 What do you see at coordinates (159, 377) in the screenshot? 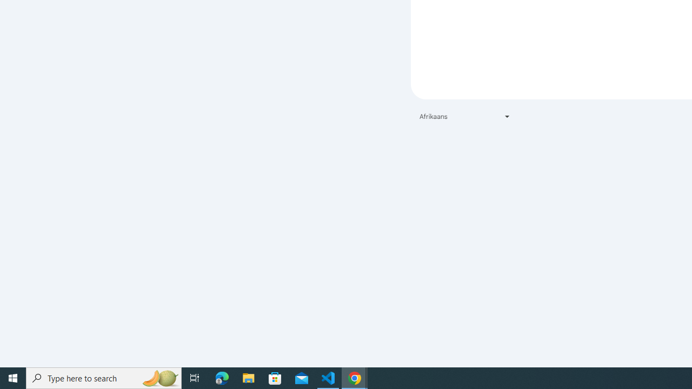
I see `'Search highlights icon opens search home window'` at bounding box center [159, 377].